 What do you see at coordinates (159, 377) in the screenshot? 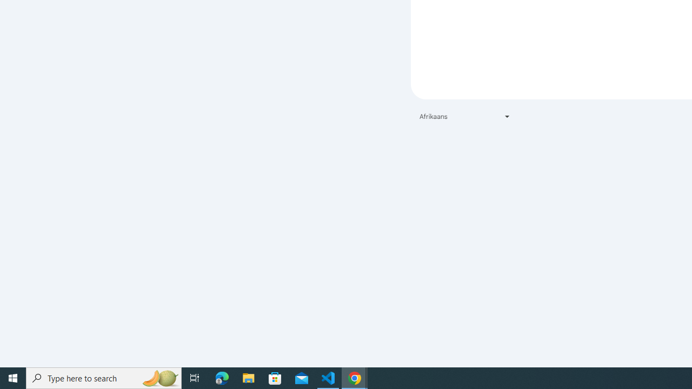
I see `'Search highlights icon opens search home window'` at bounding box center [159, 377].